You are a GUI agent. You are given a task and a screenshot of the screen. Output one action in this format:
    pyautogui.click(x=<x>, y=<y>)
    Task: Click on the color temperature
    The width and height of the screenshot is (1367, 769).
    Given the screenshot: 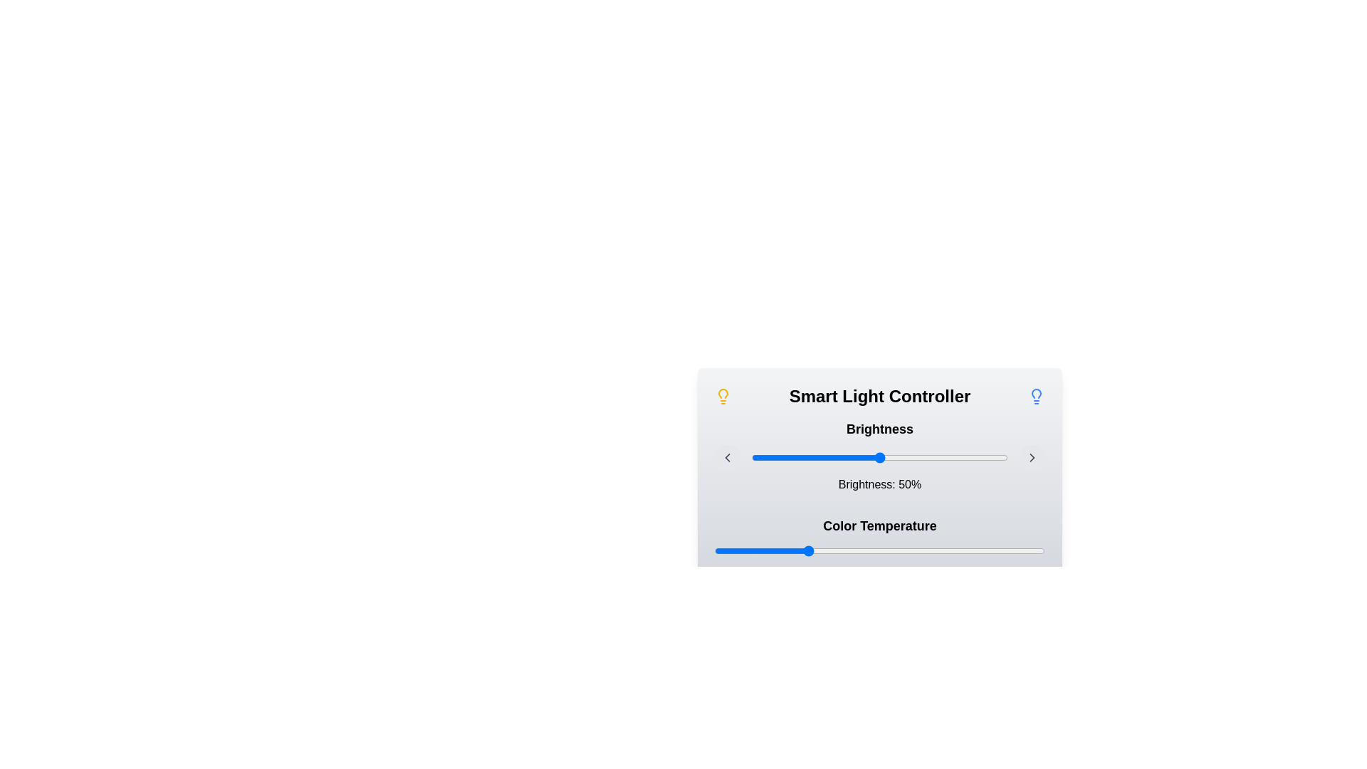 What is the action you would take?
    pyautogui.click(x=720, y=550)
    